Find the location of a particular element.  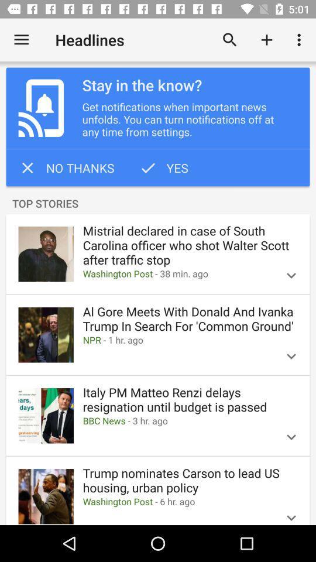

item below top stories item is located at coordinates (190, 245).